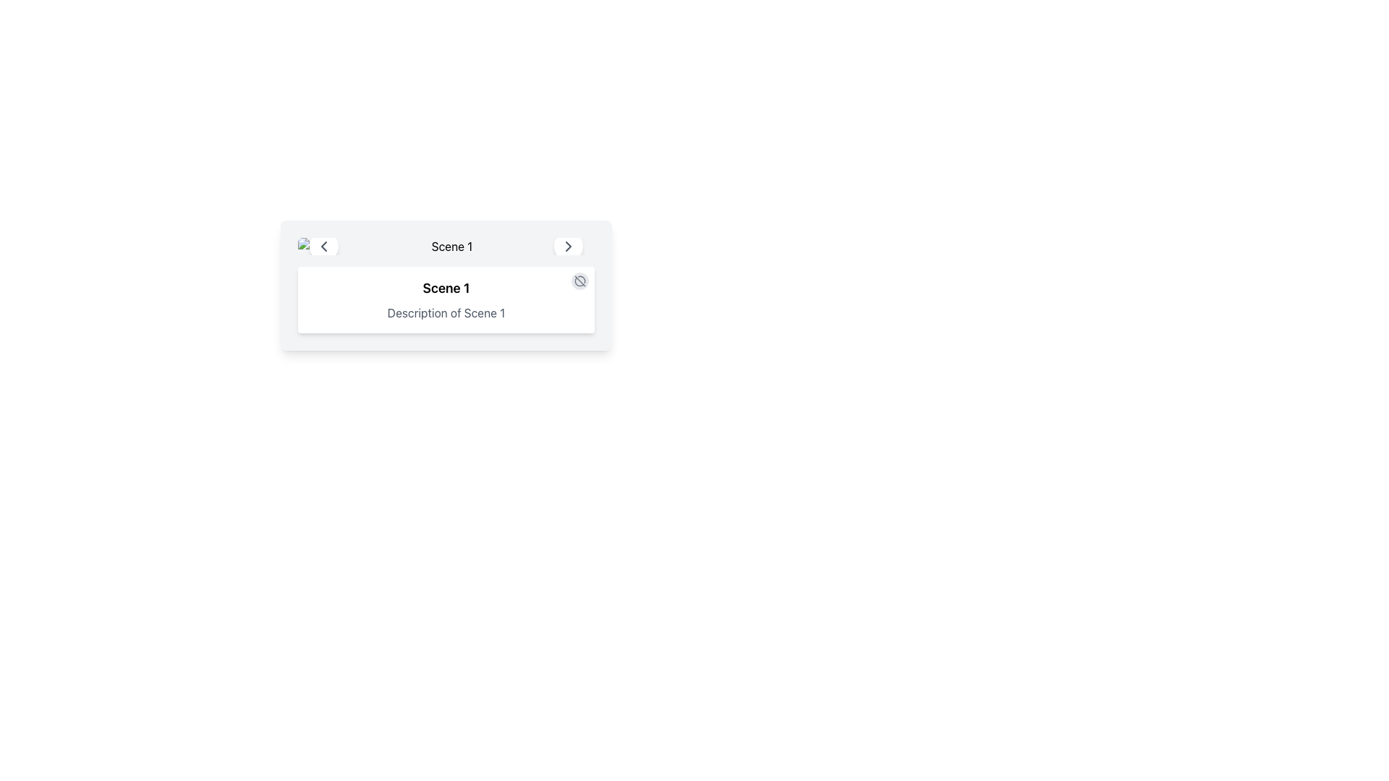  What do you see at coordinates (579, 281) in the screenshot?
I see `the Icon Button located in the top-right corner of the card displaying 'Scene 1'` at bounding box center [579, 281].